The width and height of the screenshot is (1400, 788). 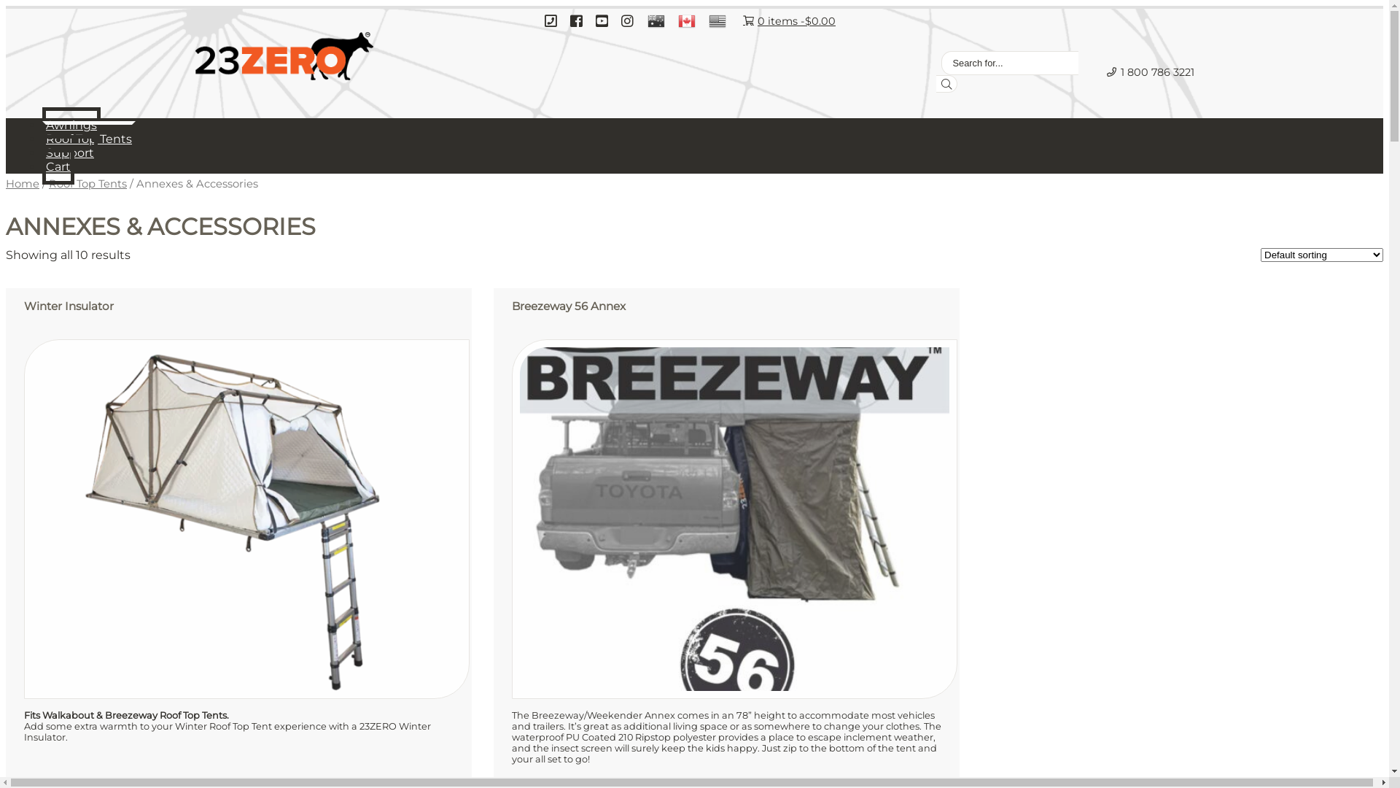 I want to click on 'Awnings', so click(x=70, y=123).